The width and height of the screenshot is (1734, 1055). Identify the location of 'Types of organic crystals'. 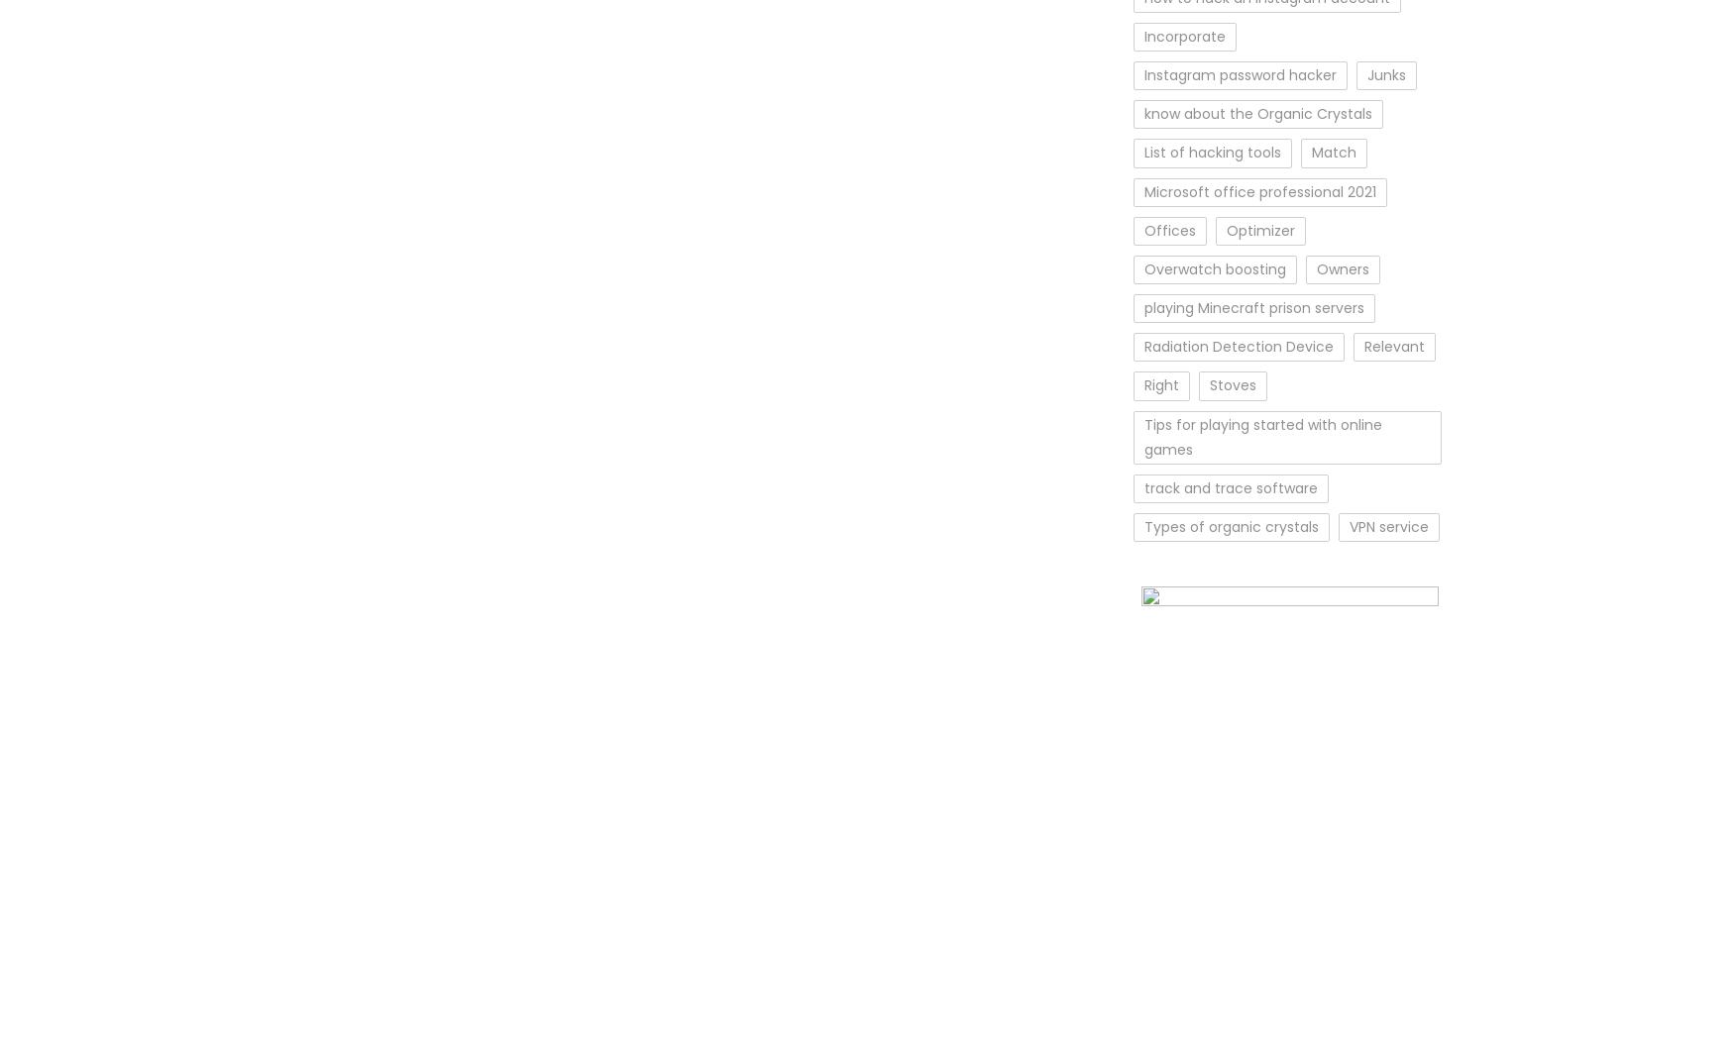
(1143, 525).